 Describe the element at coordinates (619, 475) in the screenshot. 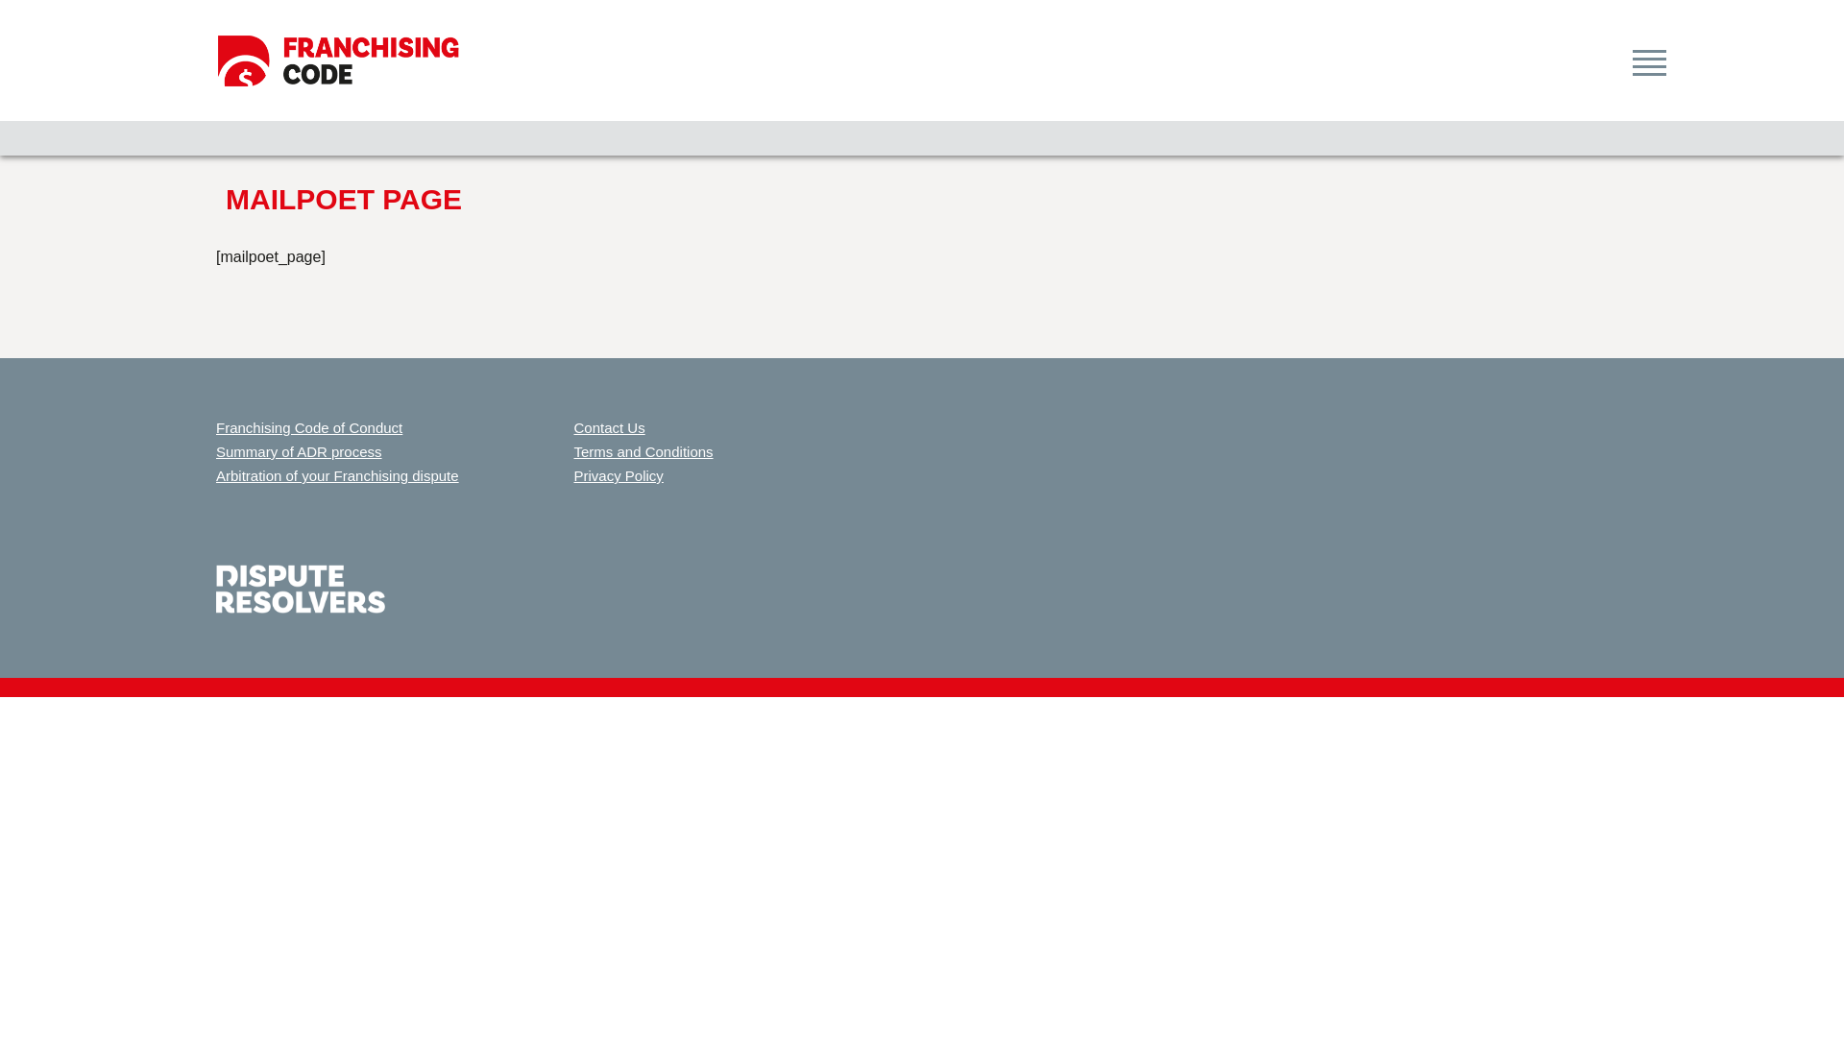

I see `'Privacy Policy'` at that location.